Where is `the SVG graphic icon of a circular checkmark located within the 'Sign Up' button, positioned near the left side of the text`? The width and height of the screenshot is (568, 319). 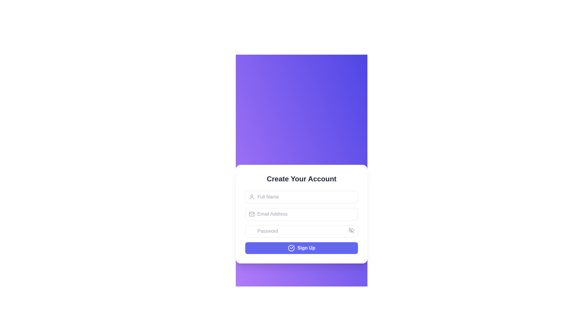 the SVG graphic icon of a circular checkmark located within the 'Sign Up' button, positioned near the left side of the text is located at coordinates (291, 248).